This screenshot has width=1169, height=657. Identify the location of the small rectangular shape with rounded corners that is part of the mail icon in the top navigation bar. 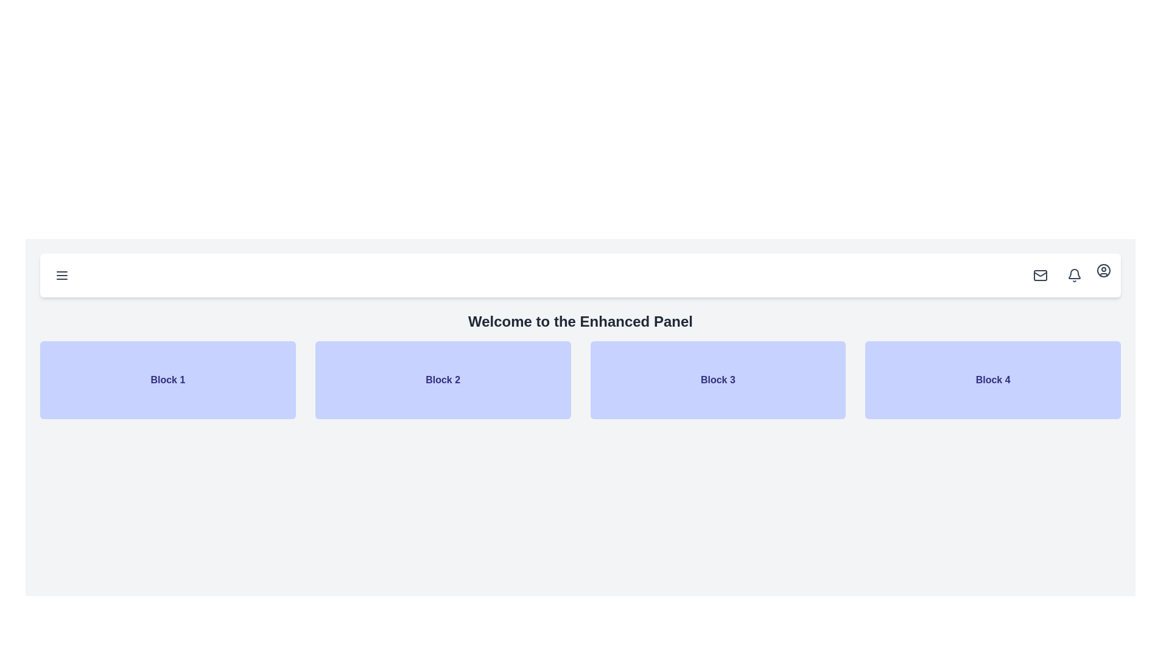
(1039, 275).